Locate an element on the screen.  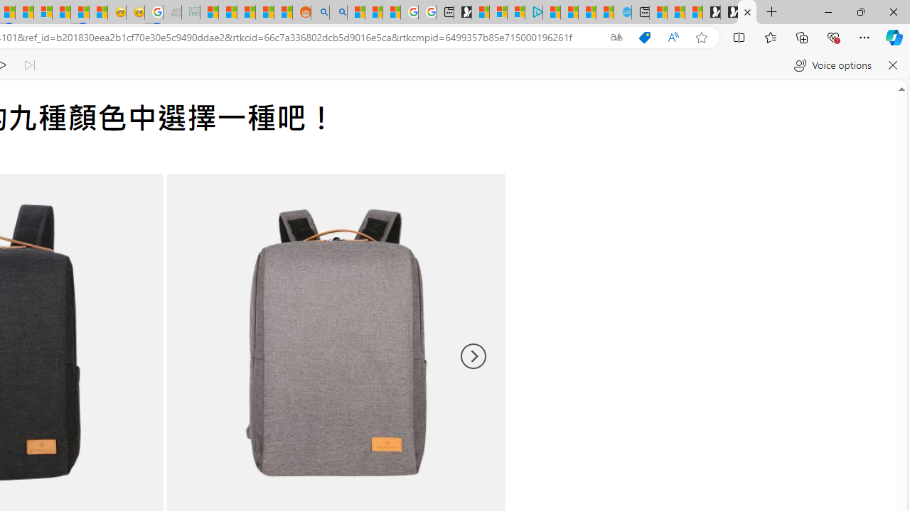
'New Tab' is located at coordinates (771, 12).